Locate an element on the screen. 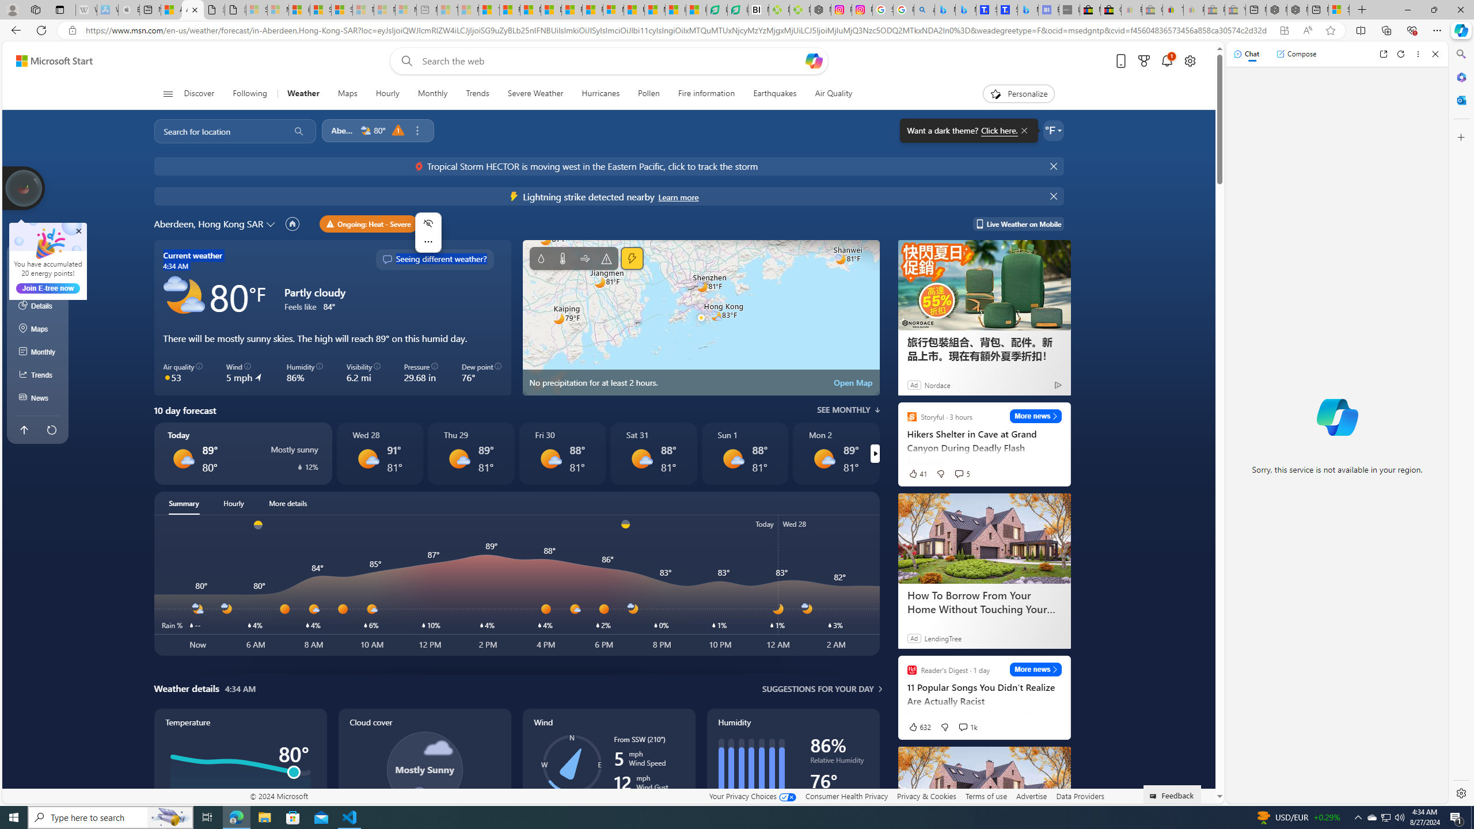  'More news' is located at coordinates (1035, 668).